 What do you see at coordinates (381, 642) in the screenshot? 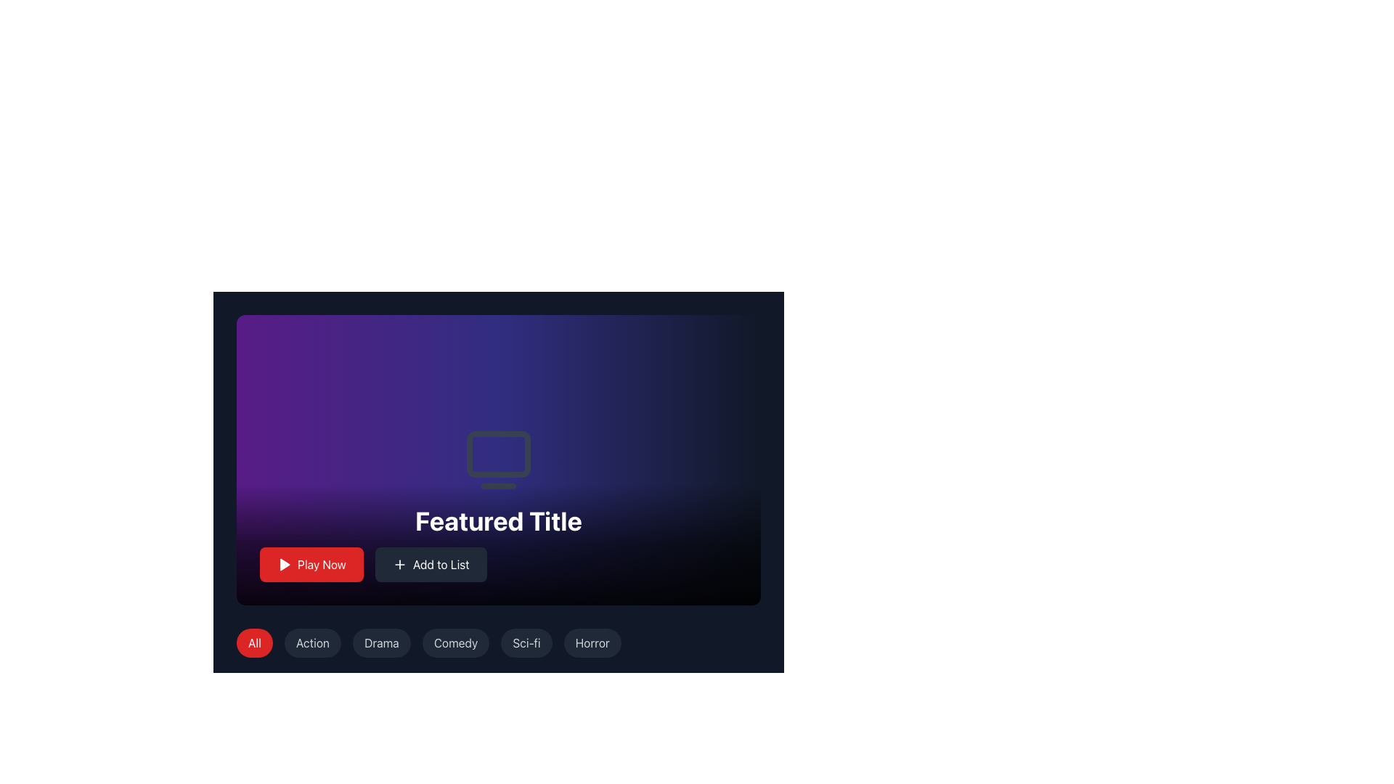
I see `the 'Drama' button` at bounding box center [381, 642].